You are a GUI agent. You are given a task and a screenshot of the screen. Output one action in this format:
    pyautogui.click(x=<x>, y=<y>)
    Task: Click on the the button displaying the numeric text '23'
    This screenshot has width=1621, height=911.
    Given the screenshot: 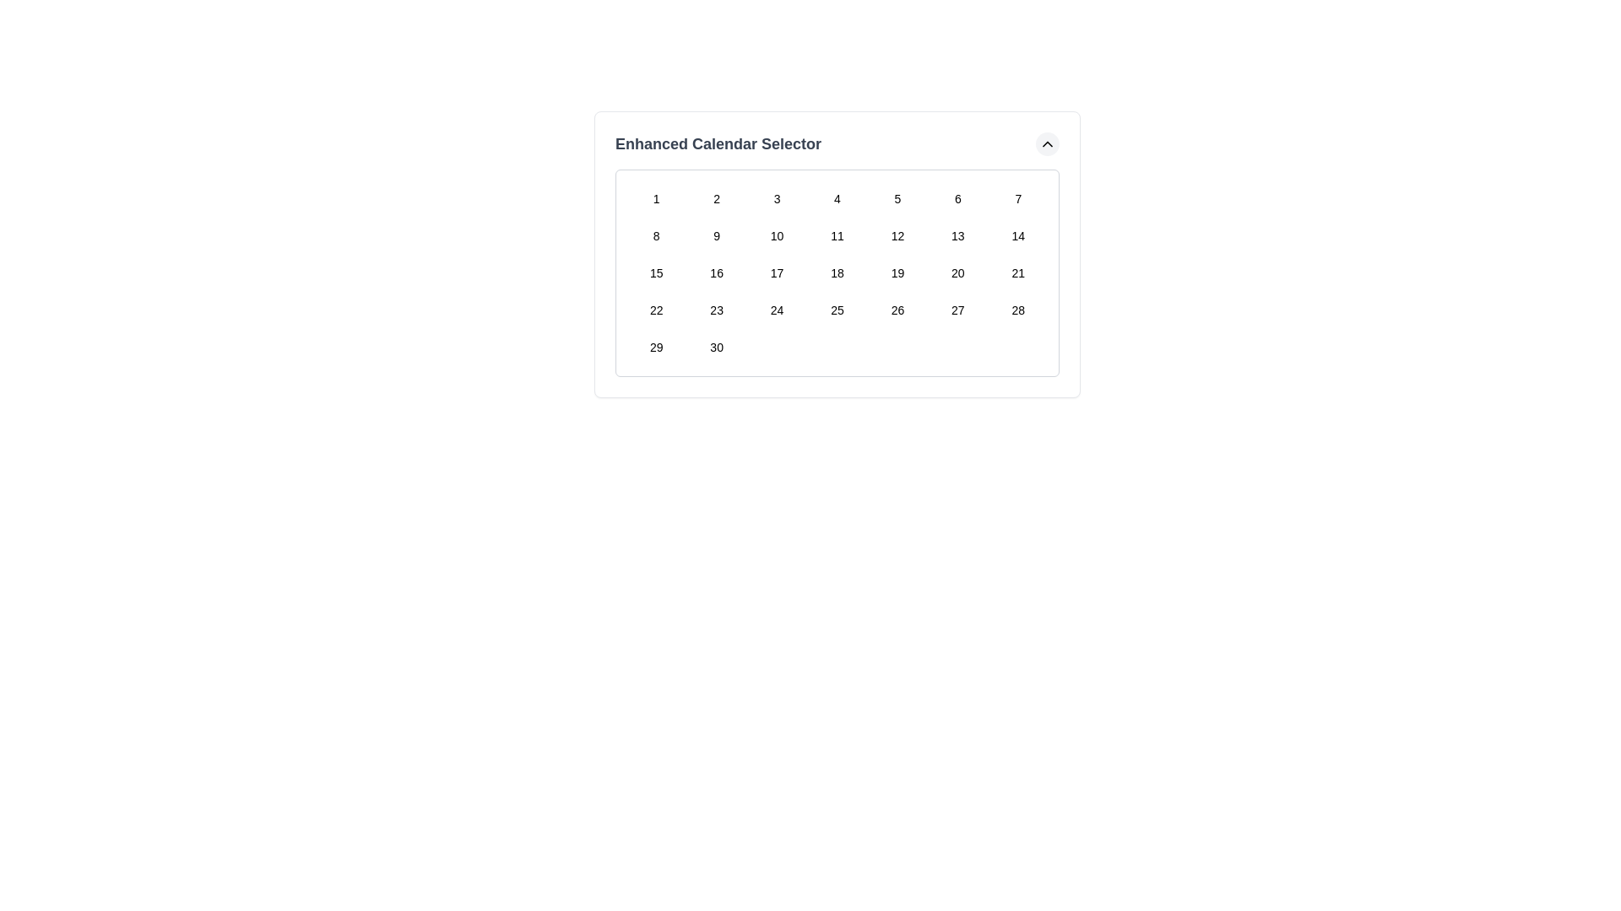 What is the action you would take?
    pyautogui.click(x=717, y=310)
    